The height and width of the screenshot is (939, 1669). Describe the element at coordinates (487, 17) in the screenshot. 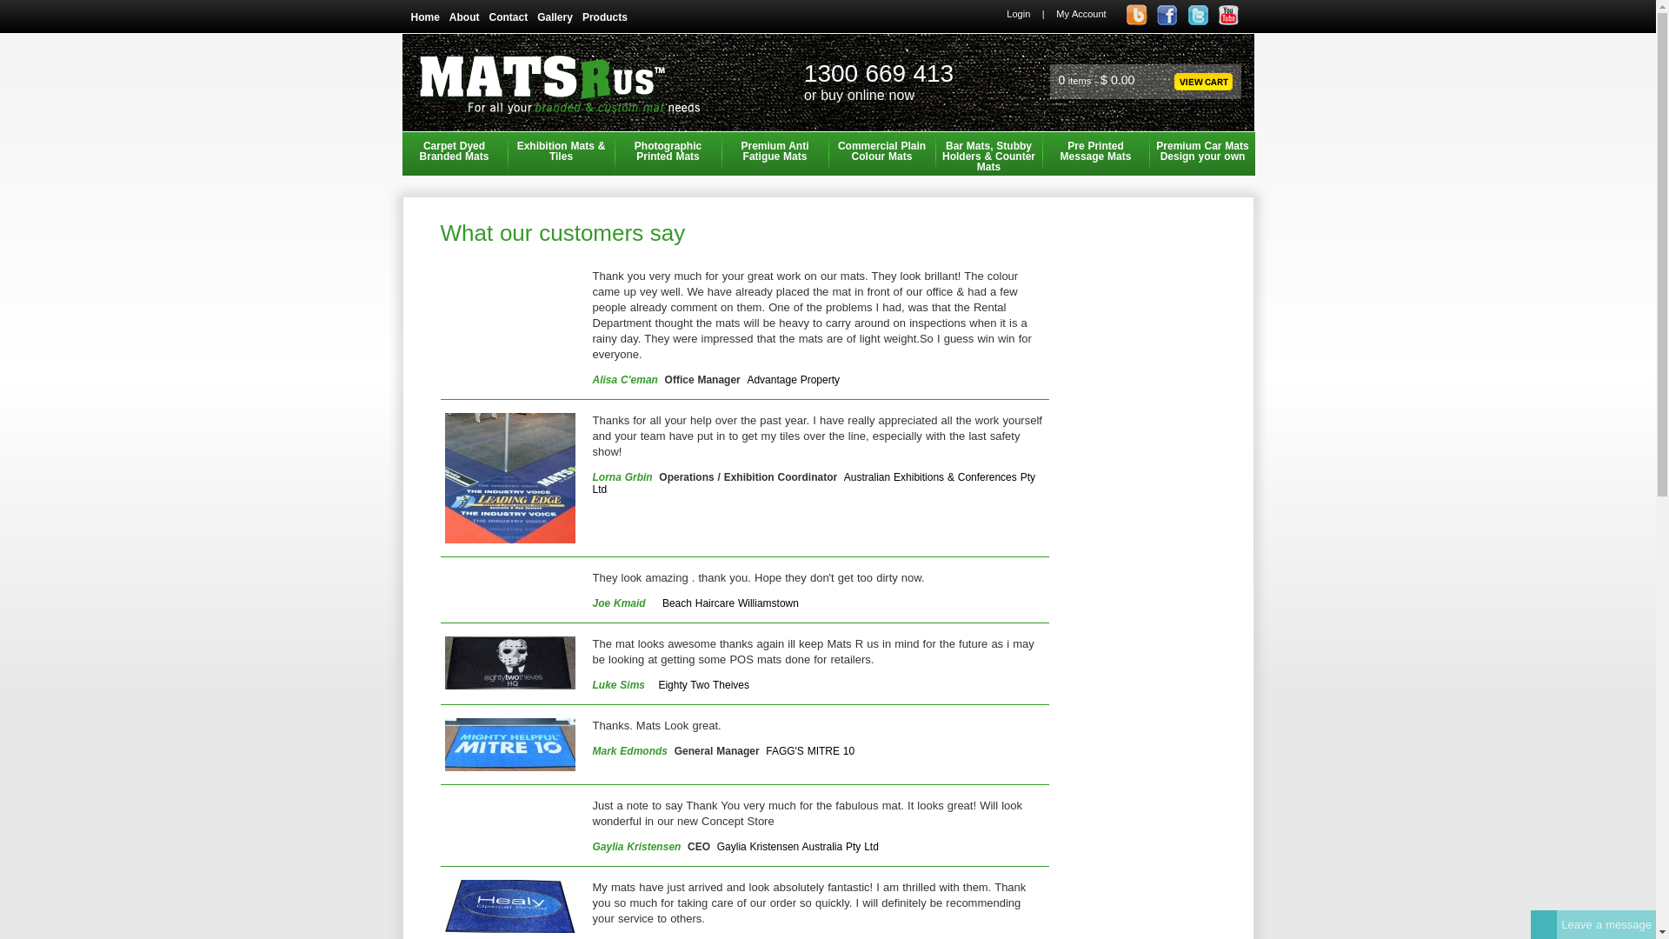

I see `'Contact'` at that location.